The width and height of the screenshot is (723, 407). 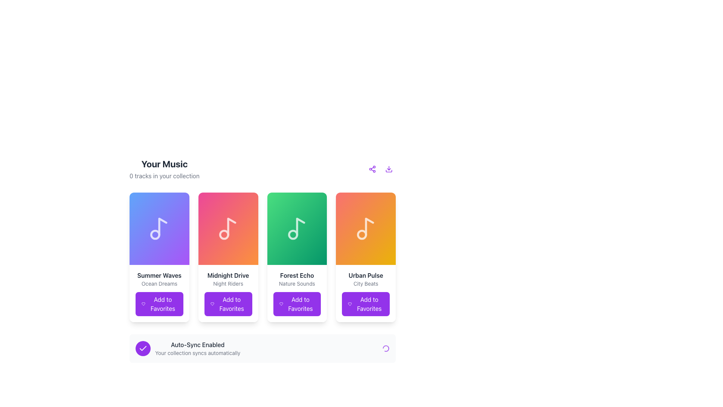 What do you see at coordinates (164, 176) in the screenshot?
I see `the static text displaying '0 tracks in your collection', which is located directly underneath the 'Your Music' heading` at bounding box center [164, 176].